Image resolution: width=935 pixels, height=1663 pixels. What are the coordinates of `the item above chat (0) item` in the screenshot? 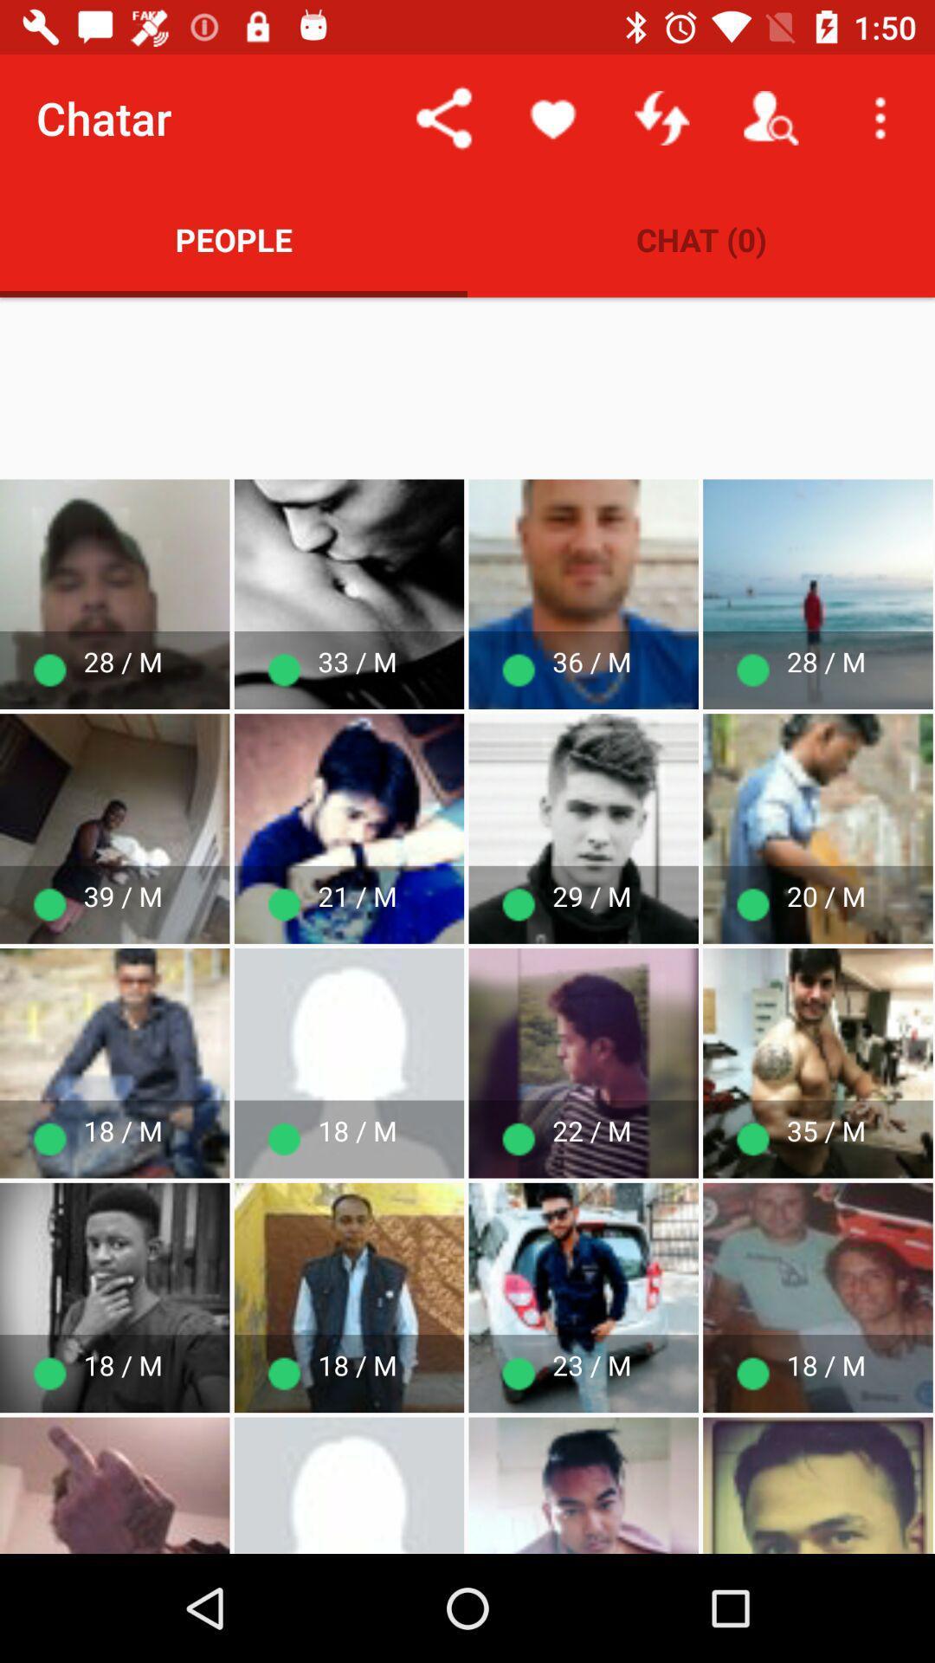 It's located at (771, 117).